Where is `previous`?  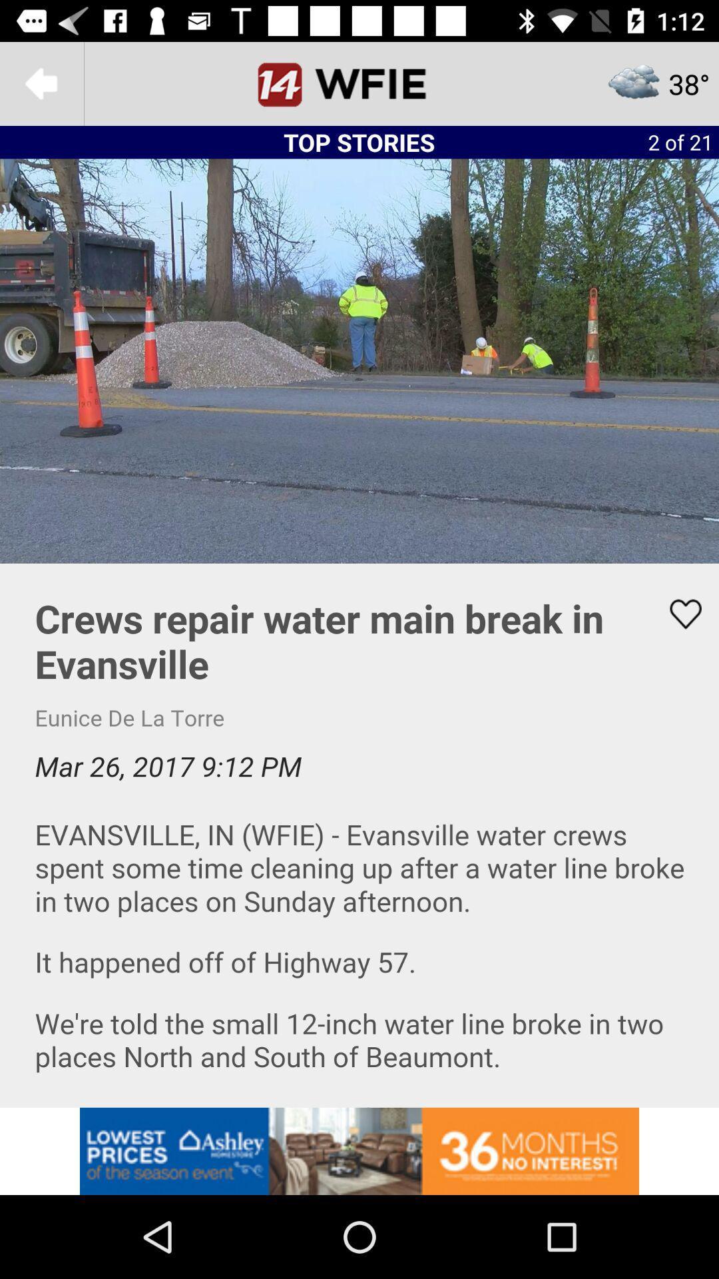 previous is located at coordinates (41, 83).